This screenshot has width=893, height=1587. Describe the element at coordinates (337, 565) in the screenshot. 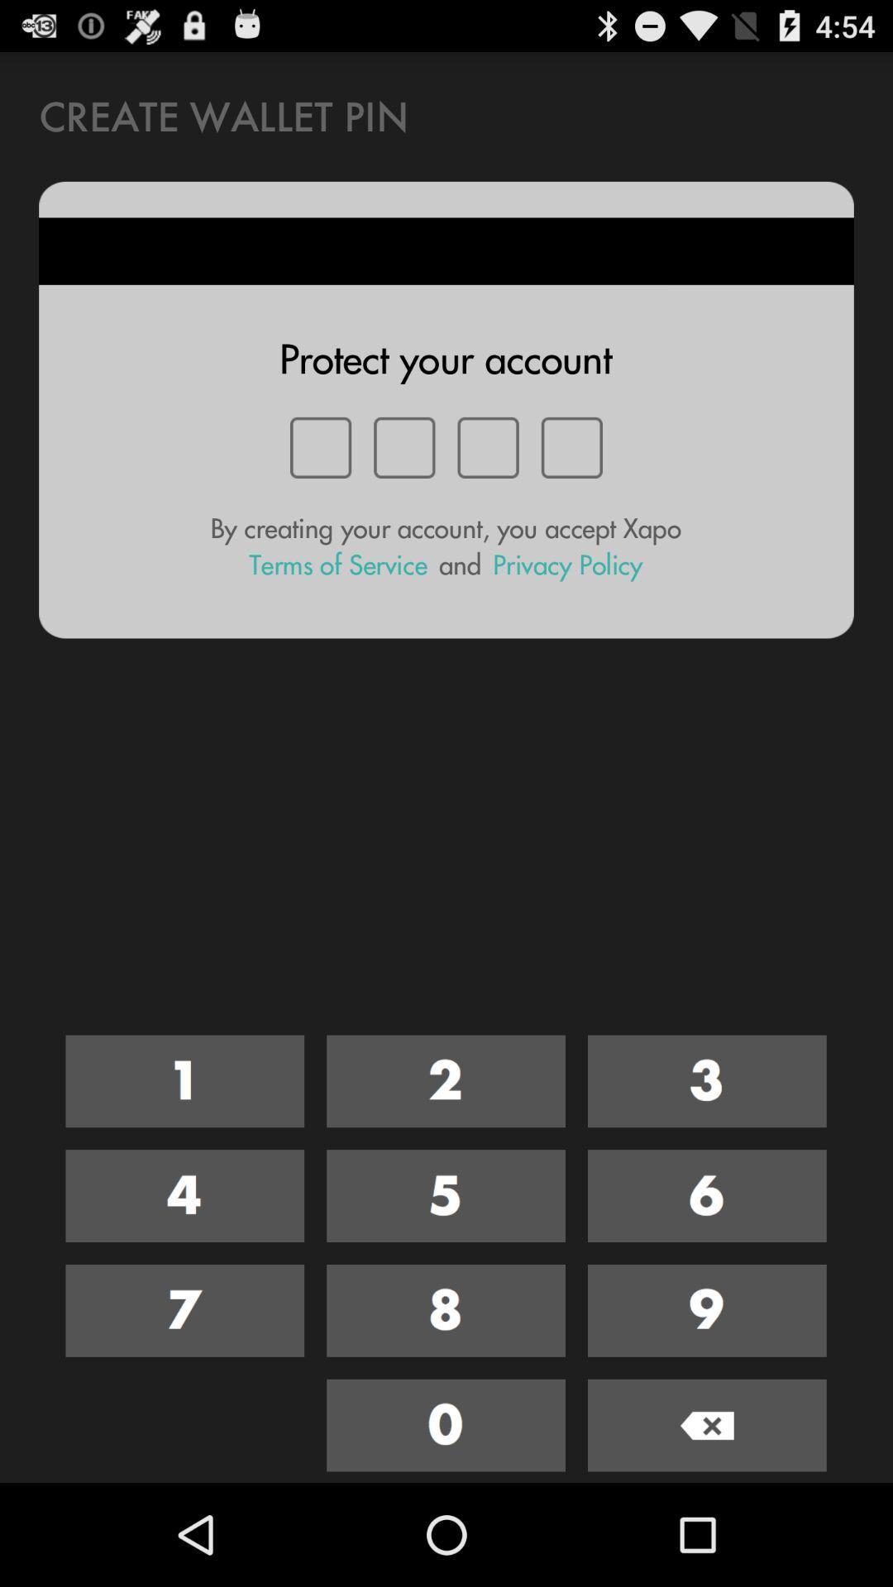

I see `icon next to the and icon` at that location.